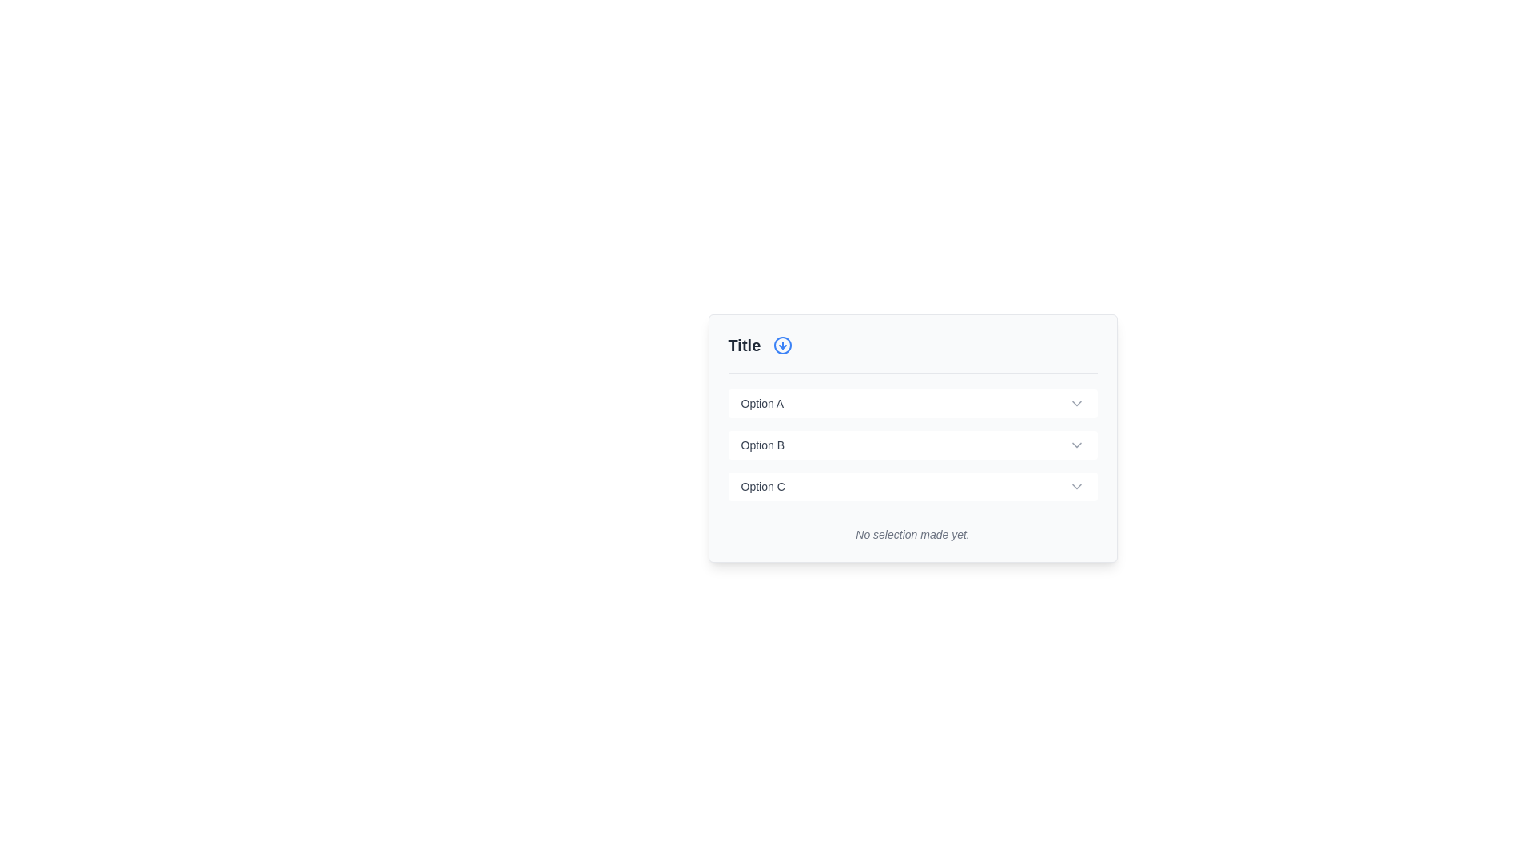 Image resolution: width=1534 pixels, height=862 pixels. What do you see at coordinates (912, 485) in the screenshot?
I see `the third item in the dropdown menu, labeled 'Option C'` at bounding box center [912, 485].